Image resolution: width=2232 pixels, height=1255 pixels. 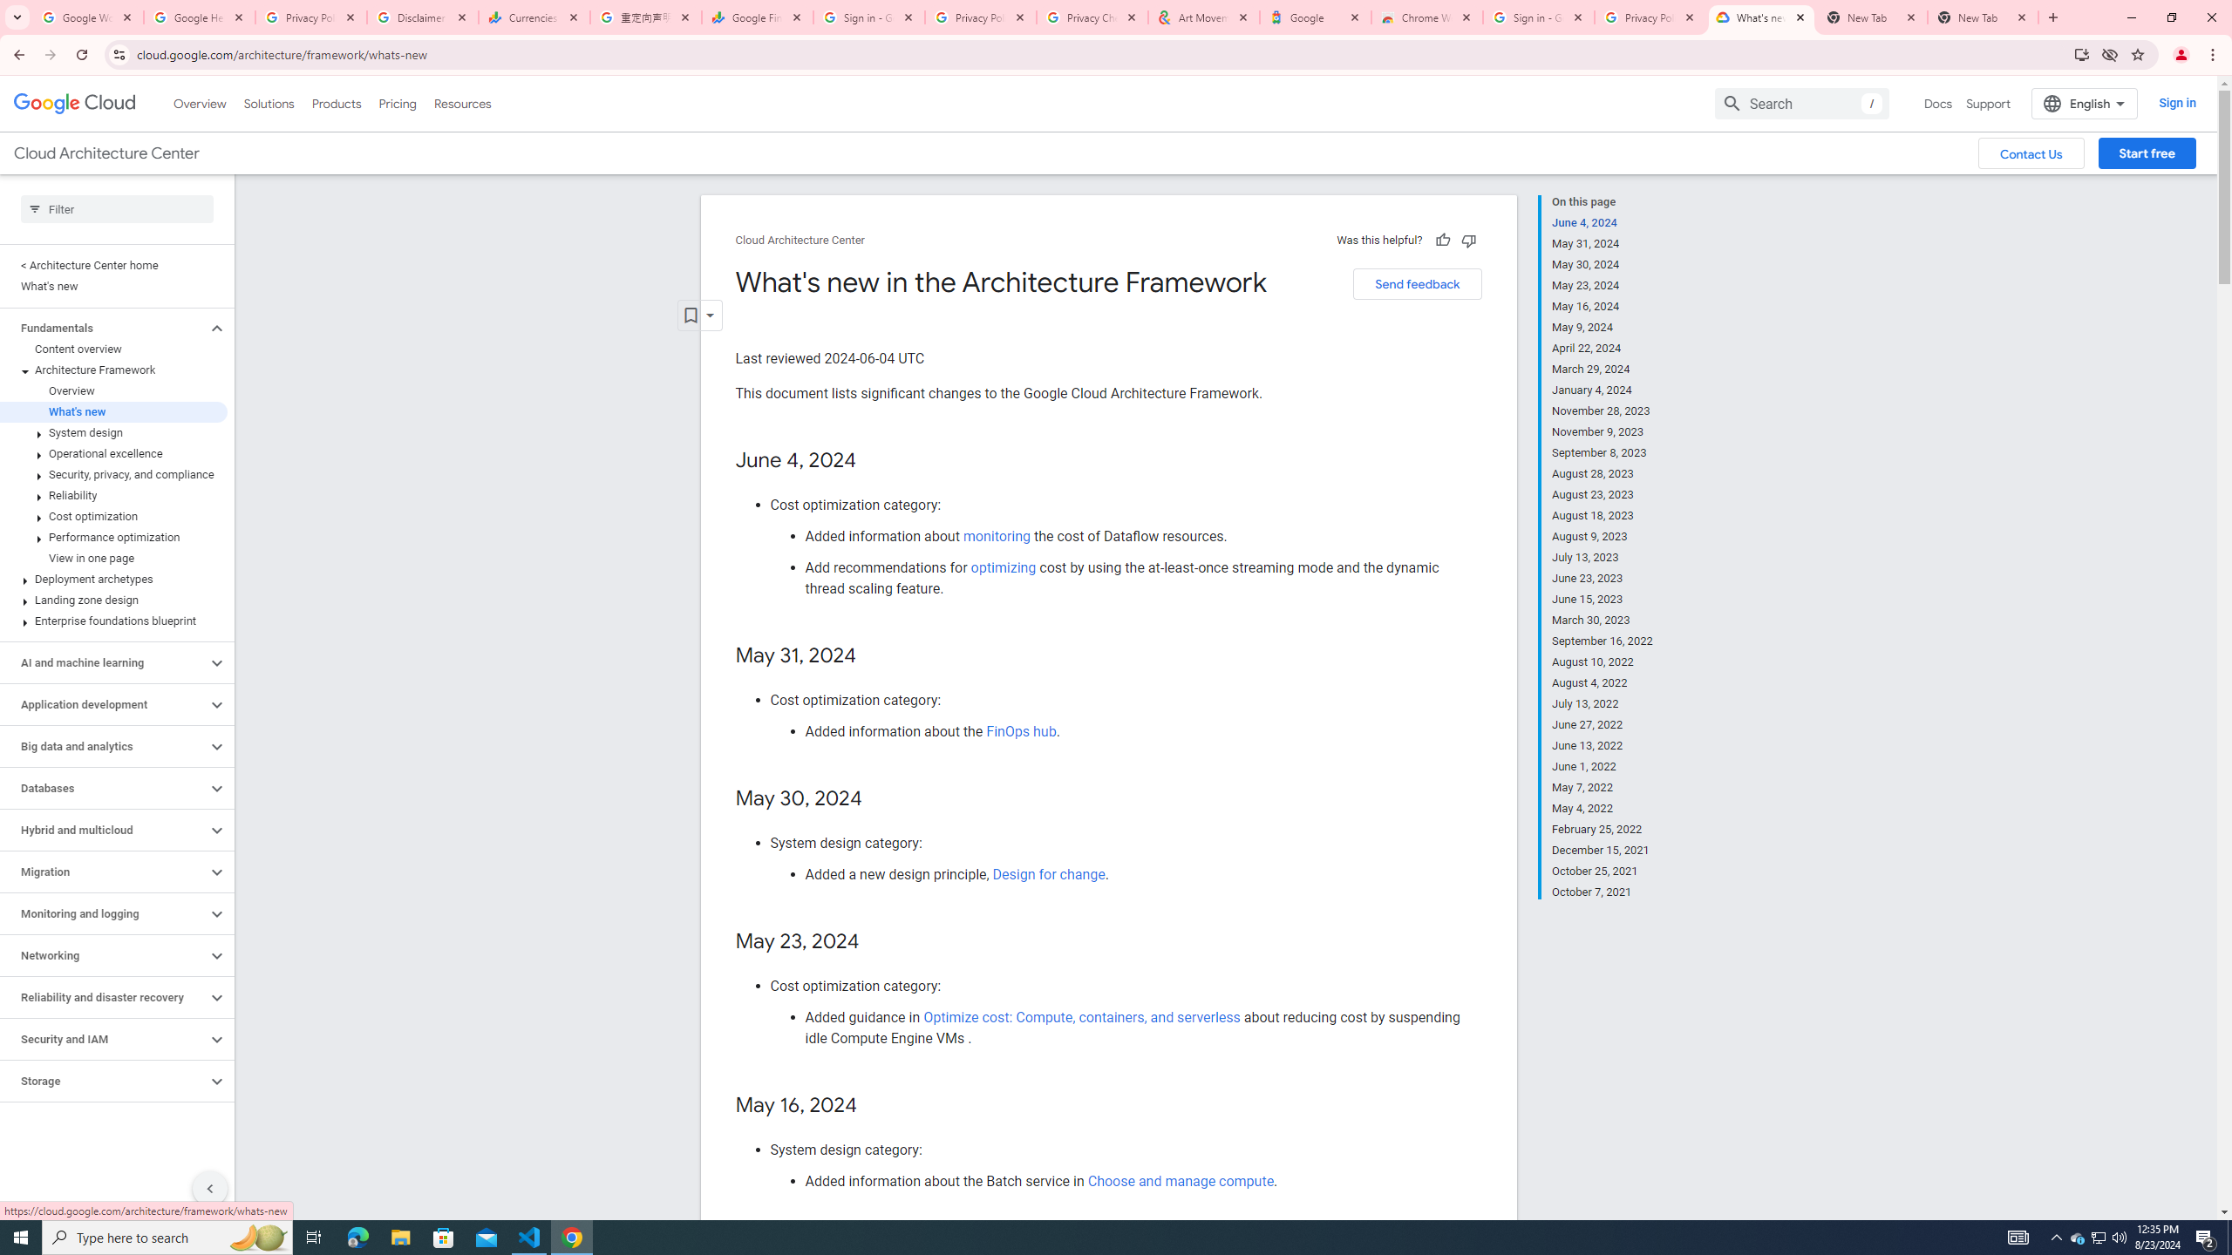 I want to click on 'May 4, 2022', so click(x=1603, y=808).